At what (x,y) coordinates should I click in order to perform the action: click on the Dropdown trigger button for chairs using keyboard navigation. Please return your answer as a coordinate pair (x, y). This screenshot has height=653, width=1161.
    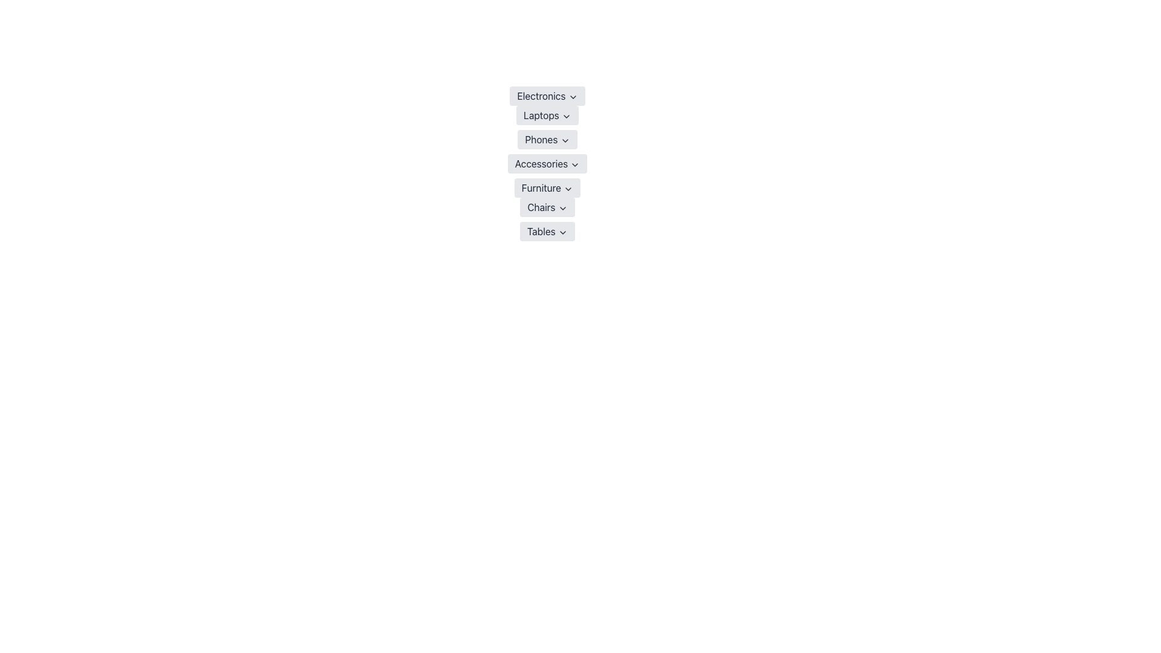
    Looking at the image, I should click on (547, 207).